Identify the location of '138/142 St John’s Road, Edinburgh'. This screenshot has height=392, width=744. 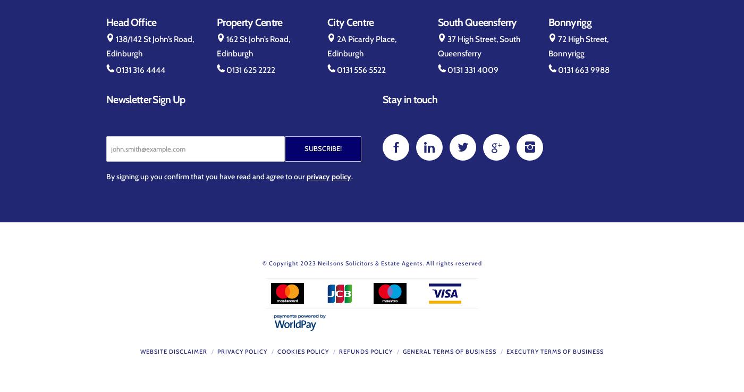
(150, 45).